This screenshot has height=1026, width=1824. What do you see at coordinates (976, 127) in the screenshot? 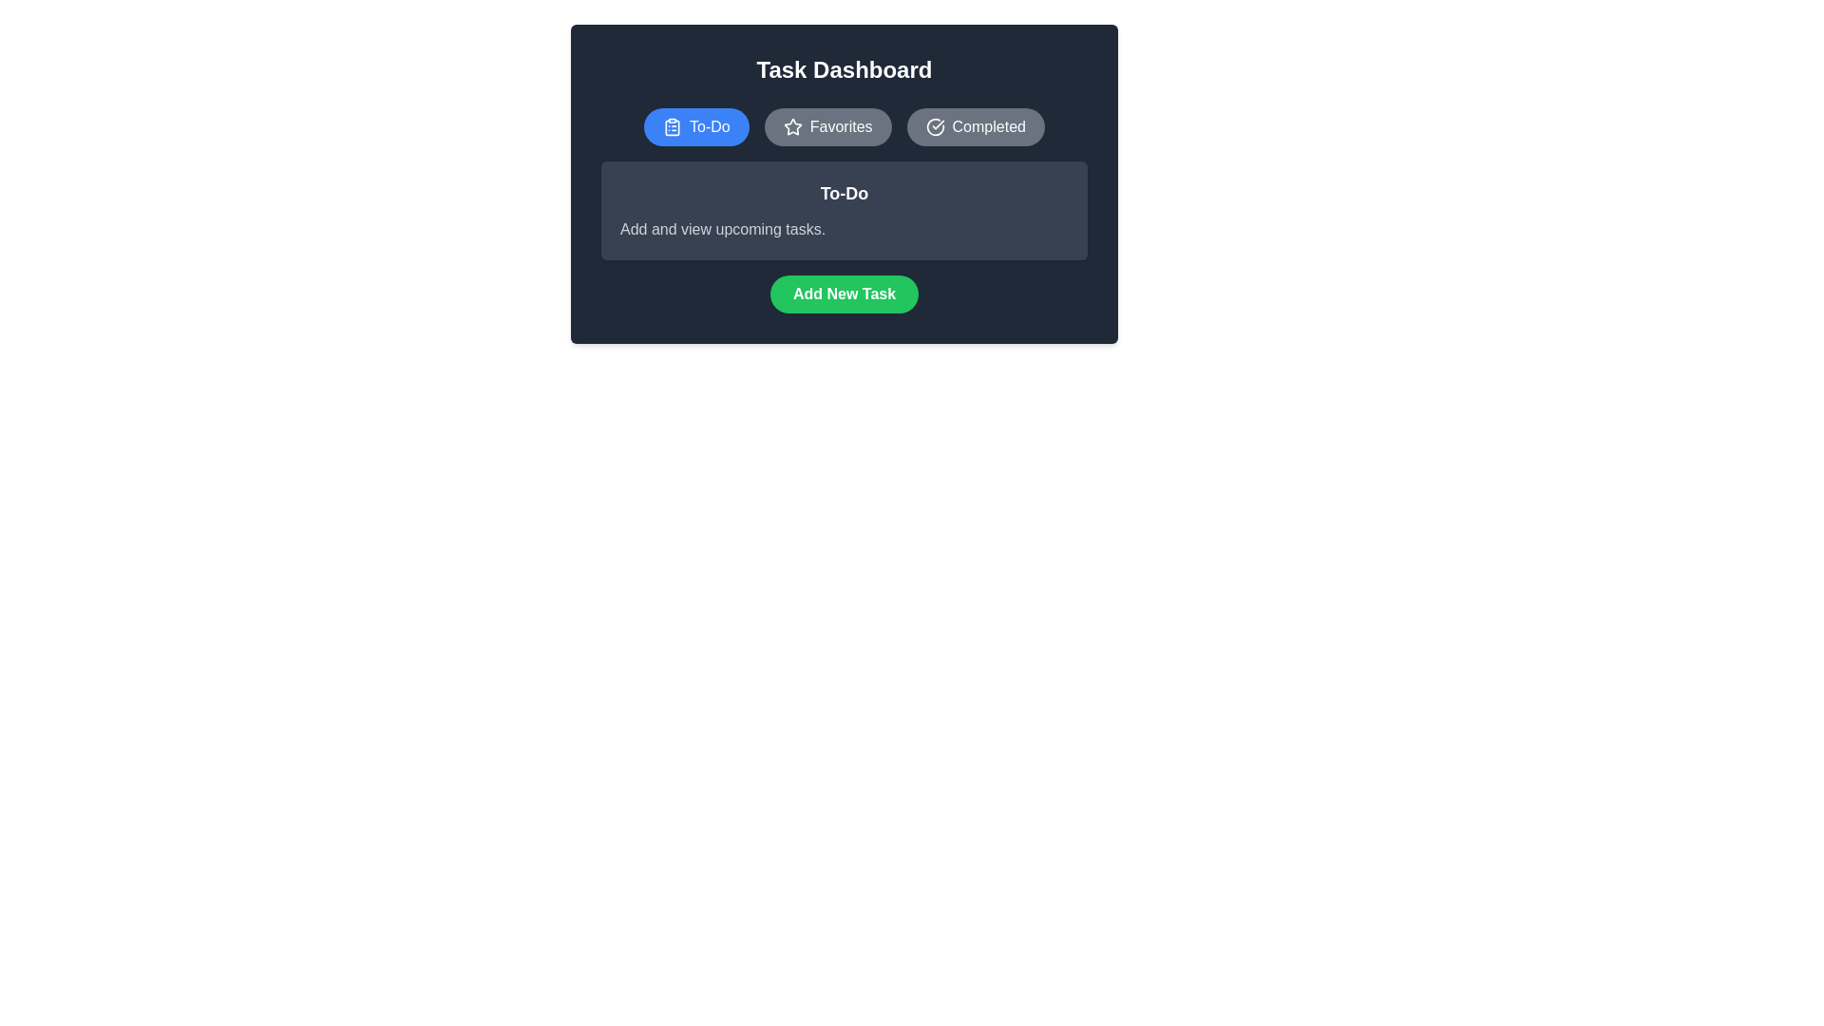
I see `the Completed tab by clicking on the corresponding button` at bounding box center [976, 127].